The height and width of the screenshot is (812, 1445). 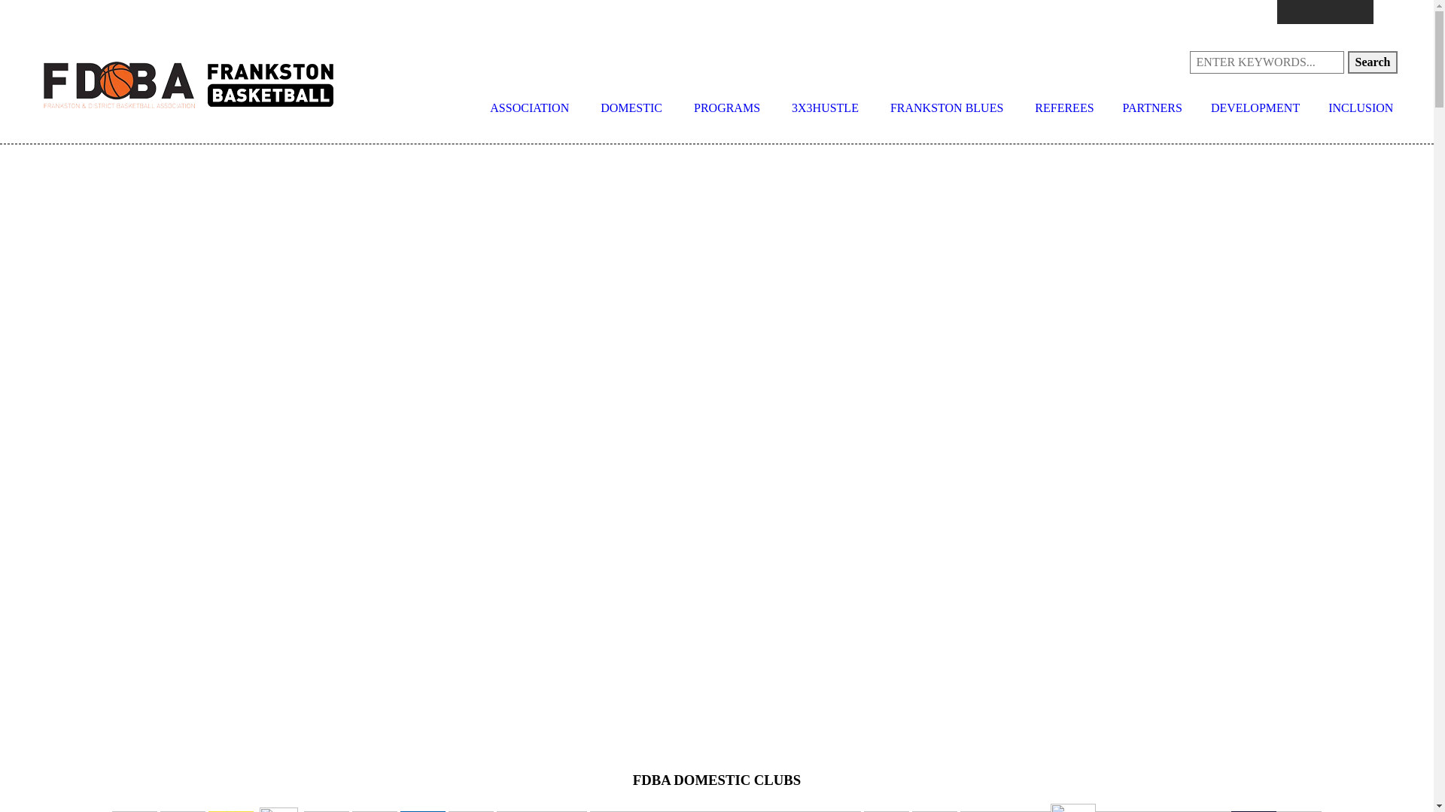 I want to click on 'DEVELOPMENT', so click(x=1255, y=107).